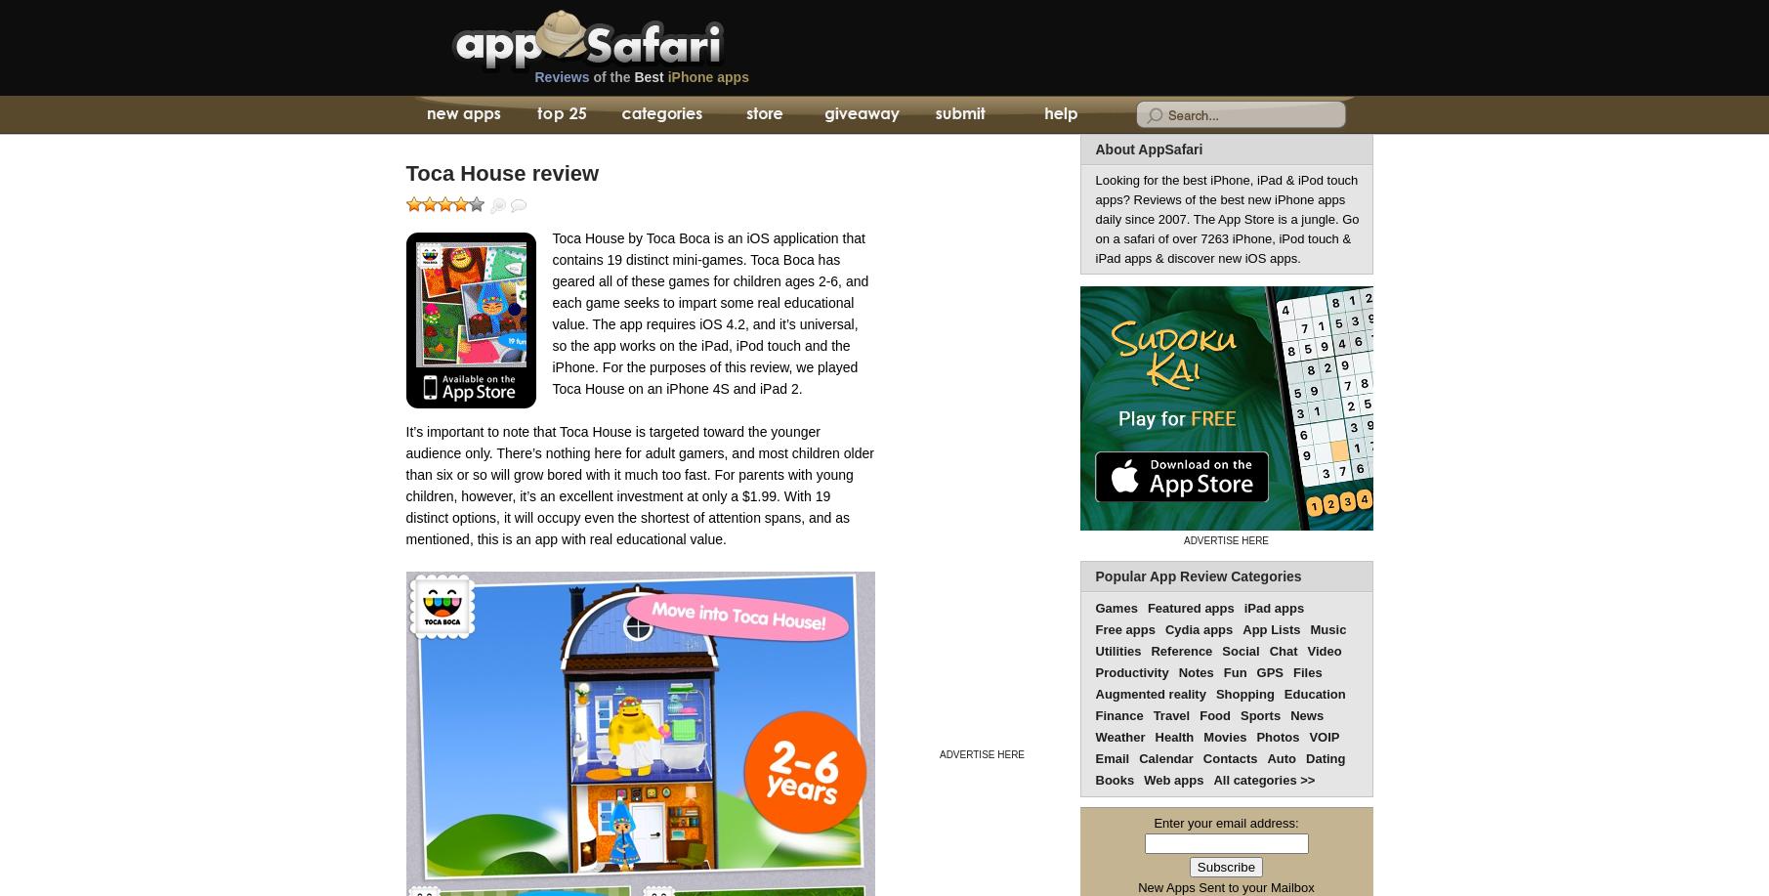 The image size is (1769, 896). What do you see at coordinates (648, 76) in the screenshot?
I see `'Best'` at bounding box center [648, 76].